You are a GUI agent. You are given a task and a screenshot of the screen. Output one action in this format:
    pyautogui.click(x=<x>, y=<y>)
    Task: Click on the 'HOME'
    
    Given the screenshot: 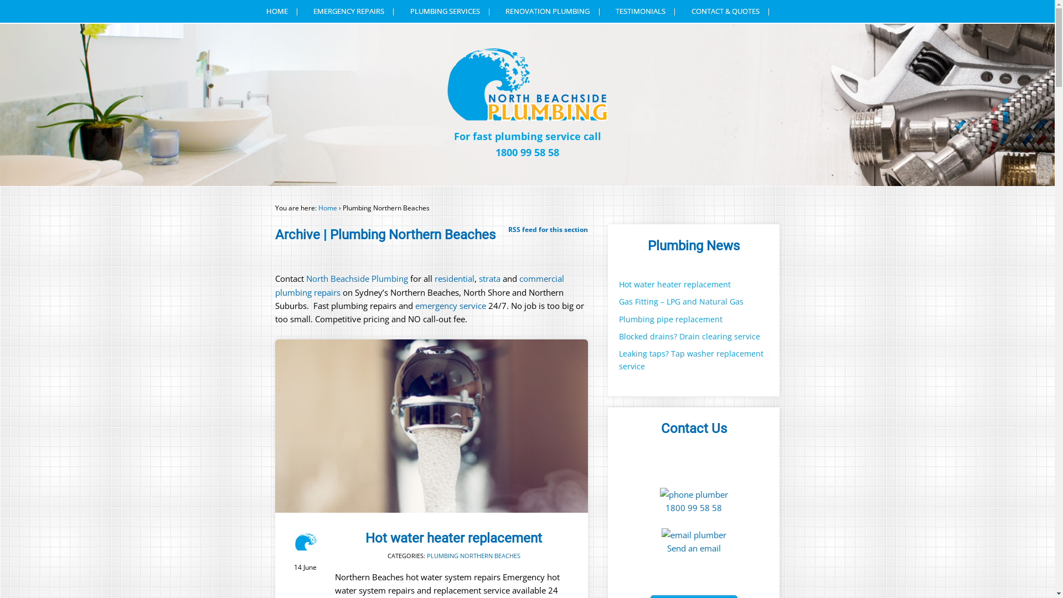 What is the action you would take?
    pyautogui.click(x=258, y=11)
    